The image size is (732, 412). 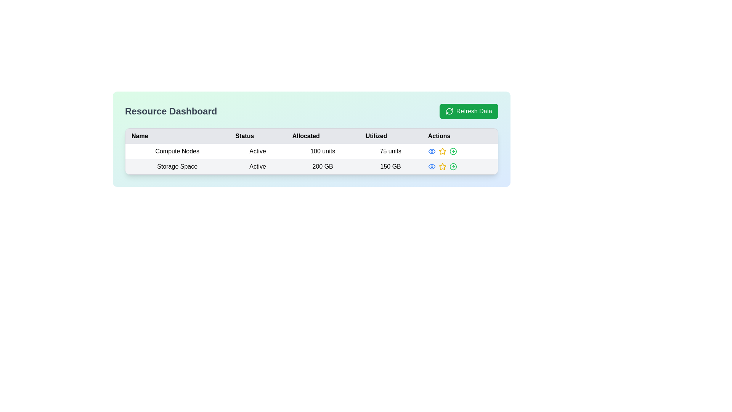 What do you see at coordinates (449, 111) in the screenshot?
I see `the circular refresh icon within the green 'Refresh Data' button located at the top-right corner of the interface` at bounding box center [449, 111].